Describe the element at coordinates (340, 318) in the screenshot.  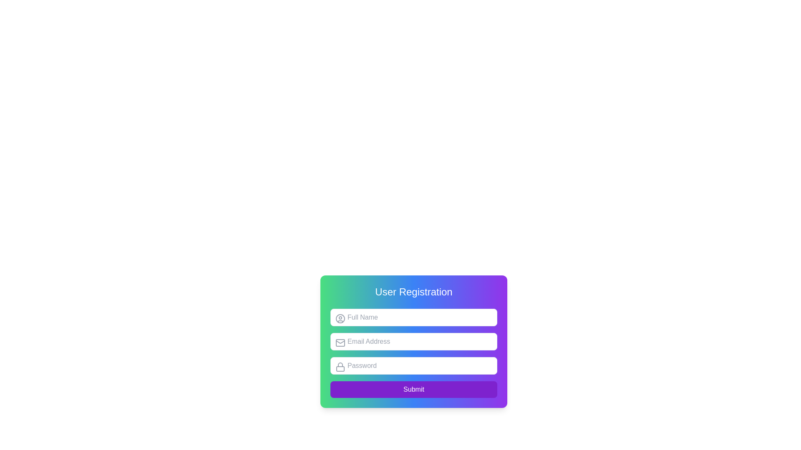
I see `the icon that visually represents the 'Full Name' input field, which is part of the user registration form and located to the left of the 'Full Name' text input` at that location.